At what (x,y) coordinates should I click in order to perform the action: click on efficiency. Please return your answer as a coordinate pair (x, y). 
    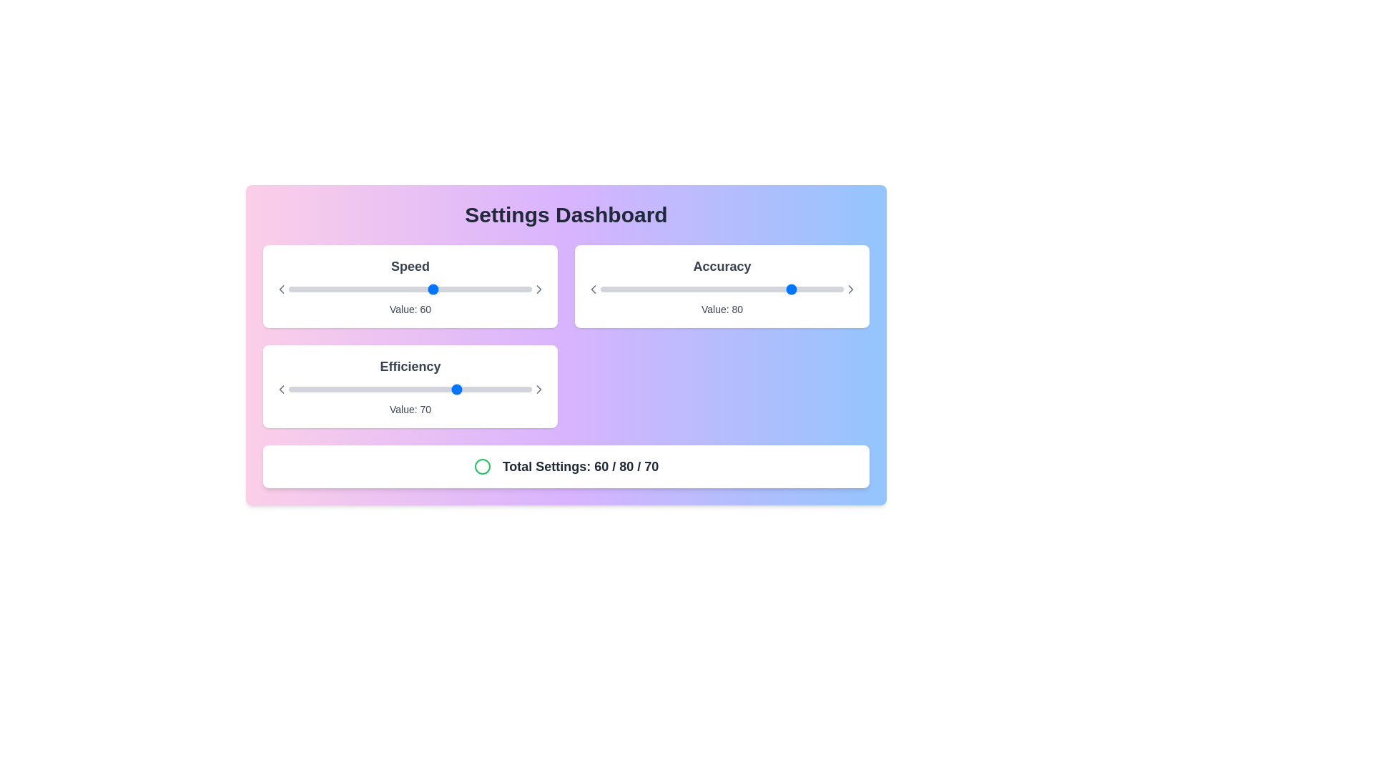
    Looking at the image, I should click on (491, 389).